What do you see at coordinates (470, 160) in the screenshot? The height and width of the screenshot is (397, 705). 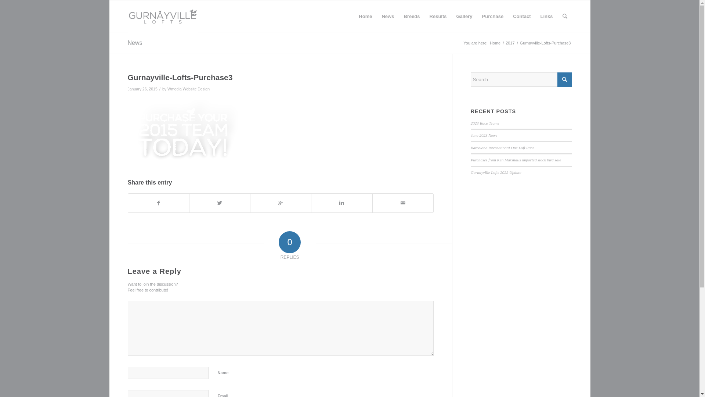 I see `'Purchases from Ken Marshalls imported stock bird sale'` at bounding box center [470, 160].